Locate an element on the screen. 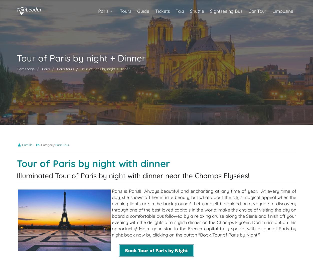 This screenshot has width=313, height=261. 'Entry tickets with the option to "Skip the Queue" for the cruise along the Seine;' is located at coordinates (23, 226).